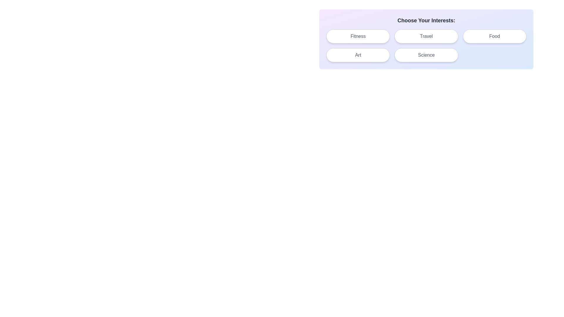  I want to click on the chip labeled Fitness to toggle its selection, so click(358, 36).